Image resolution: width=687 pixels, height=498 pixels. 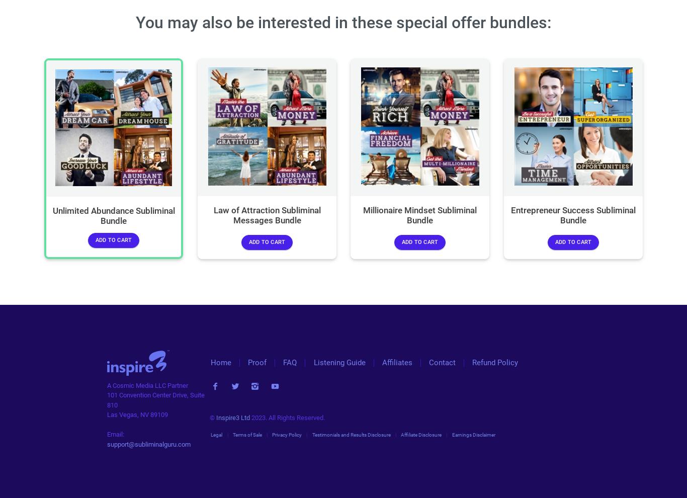 I want to click on 'Terms of Sale', so click(x=246, y=434).